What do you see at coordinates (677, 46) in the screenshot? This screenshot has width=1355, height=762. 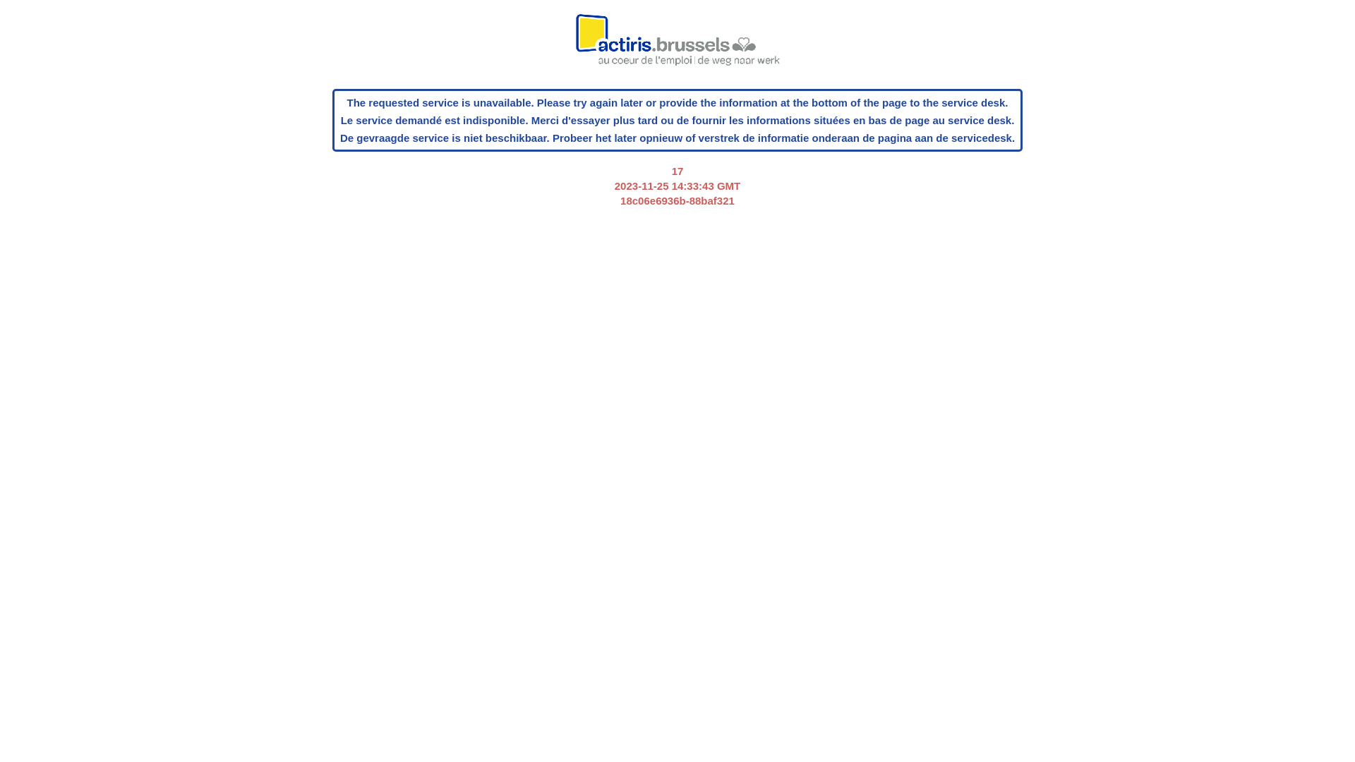 I see `'actiris_logo.png'` at bounding box center [677, 46].